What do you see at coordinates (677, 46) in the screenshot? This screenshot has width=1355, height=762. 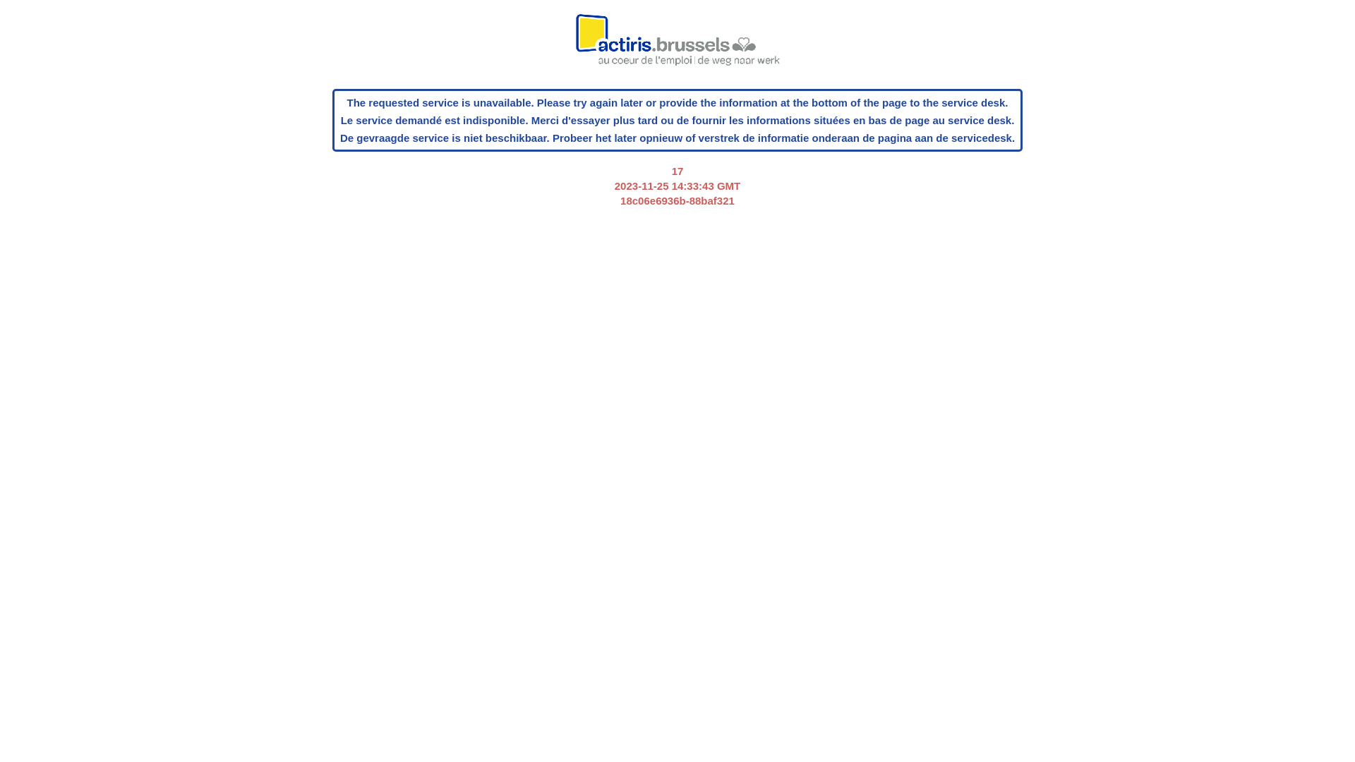 I see `'actiris_logo.png'` at bounding box center [677, 46].